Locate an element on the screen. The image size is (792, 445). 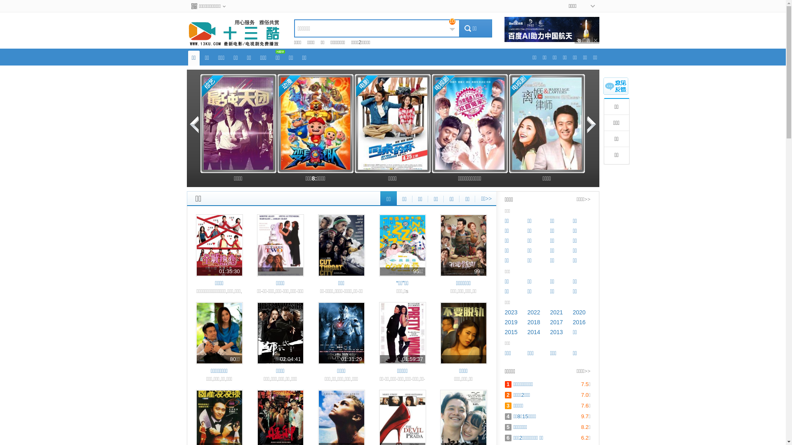
'2020' is located at coordinates (578, 312).